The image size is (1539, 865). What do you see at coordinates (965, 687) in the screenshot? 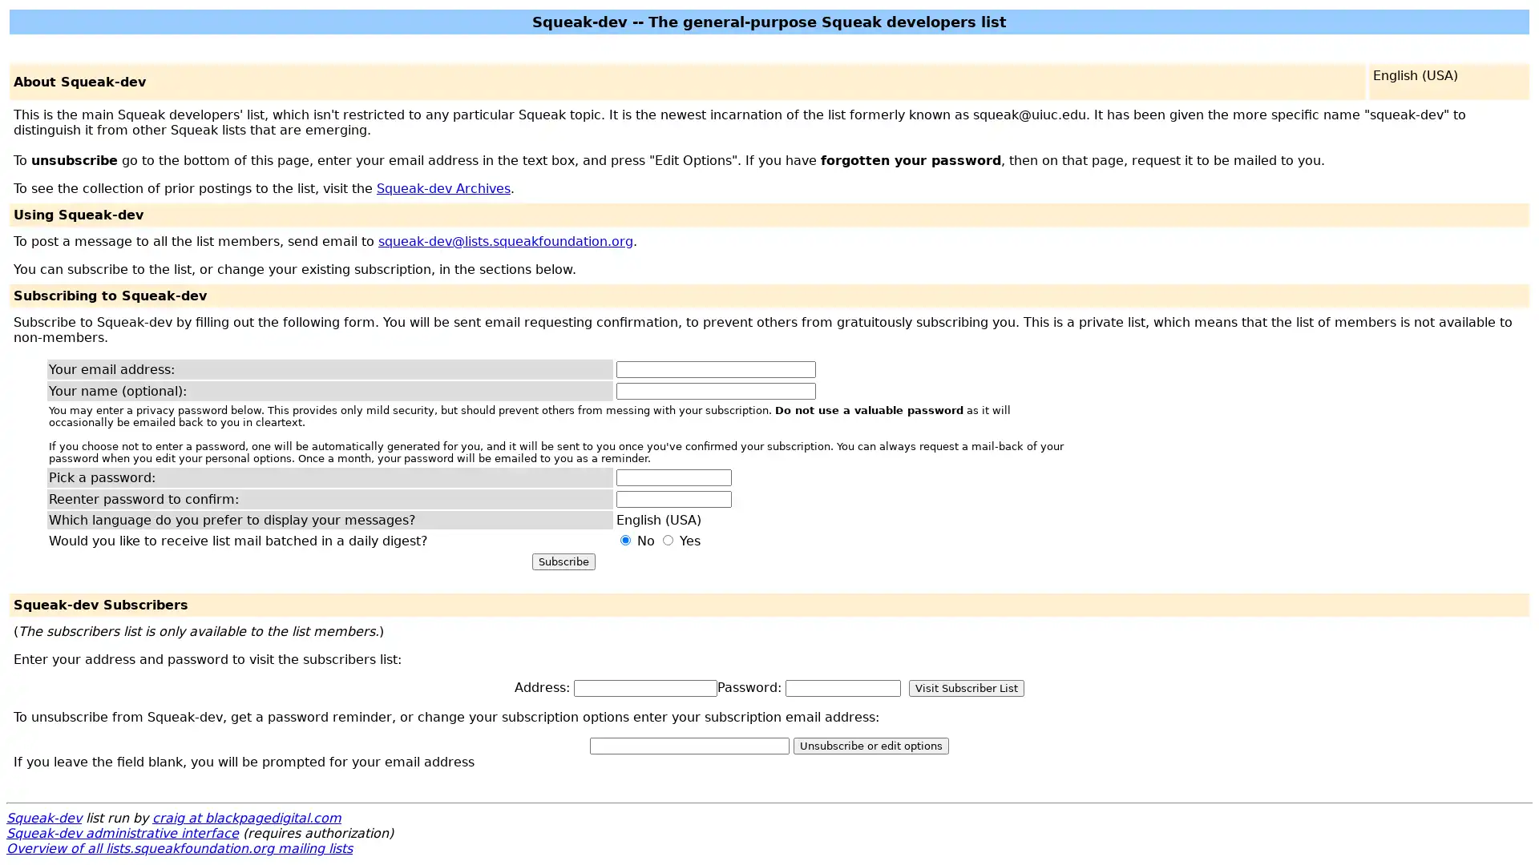
I see `Visit Subscriber List` at bounding box center [965, 687].